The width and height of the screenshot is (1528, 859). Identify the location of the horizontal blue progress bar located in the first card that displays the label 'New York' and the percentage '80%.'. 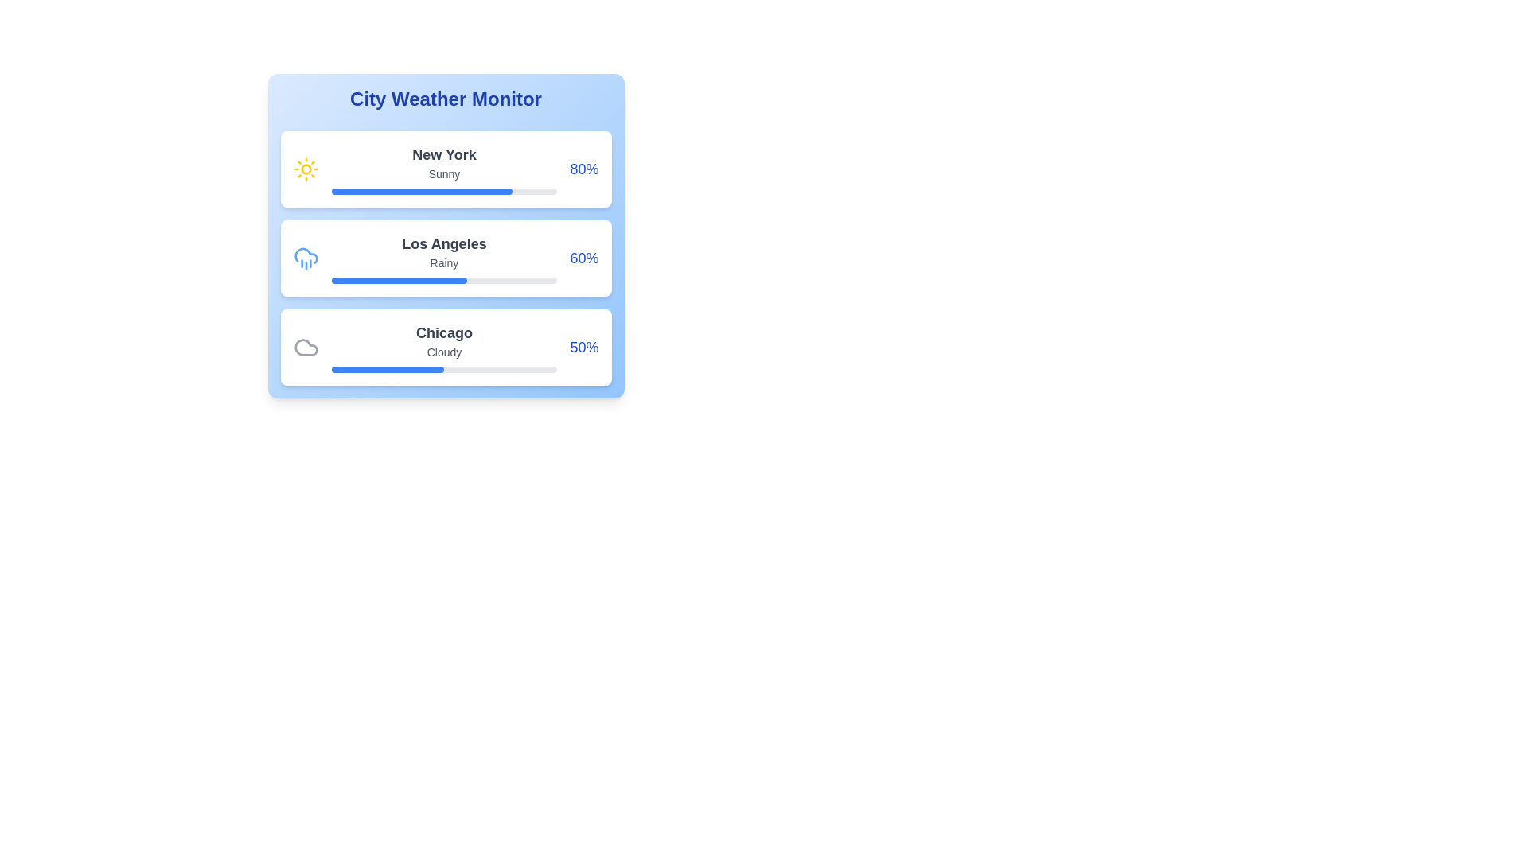
(422, 190).